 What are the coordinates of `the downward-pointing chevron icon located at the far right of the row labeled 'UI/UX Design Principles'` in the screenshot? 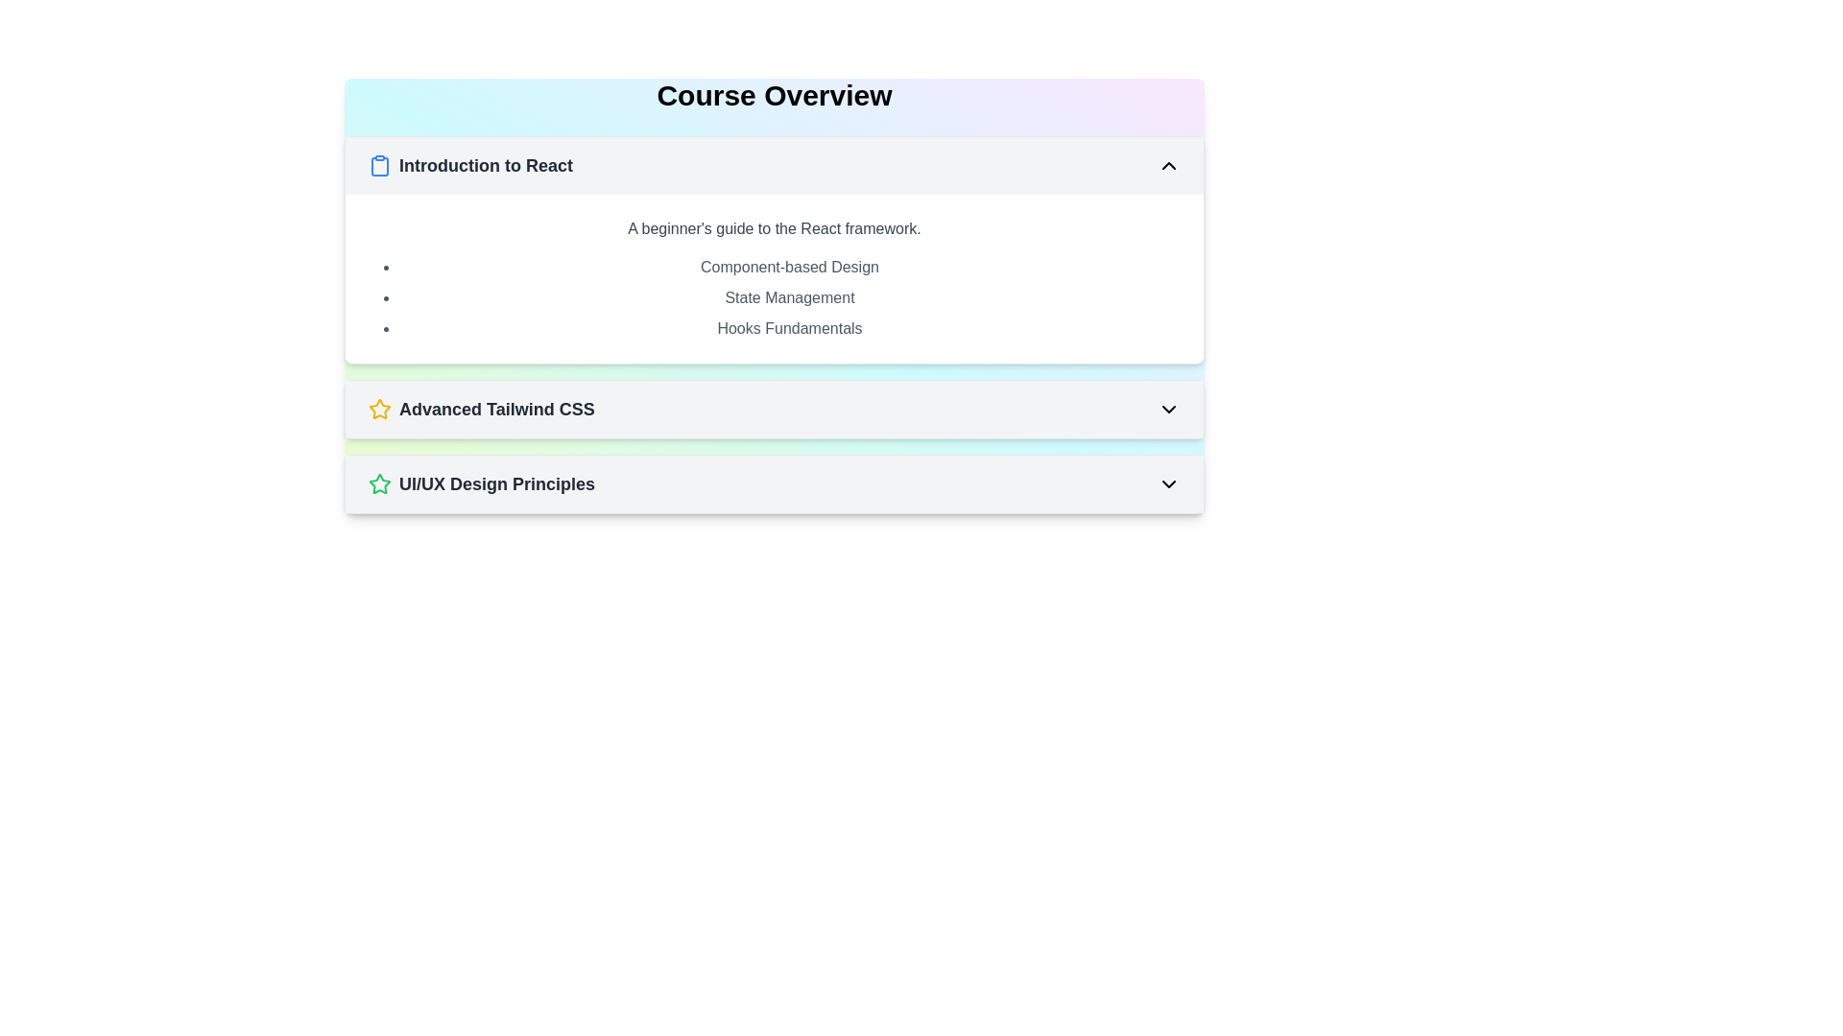 It's located at (1168, 483).